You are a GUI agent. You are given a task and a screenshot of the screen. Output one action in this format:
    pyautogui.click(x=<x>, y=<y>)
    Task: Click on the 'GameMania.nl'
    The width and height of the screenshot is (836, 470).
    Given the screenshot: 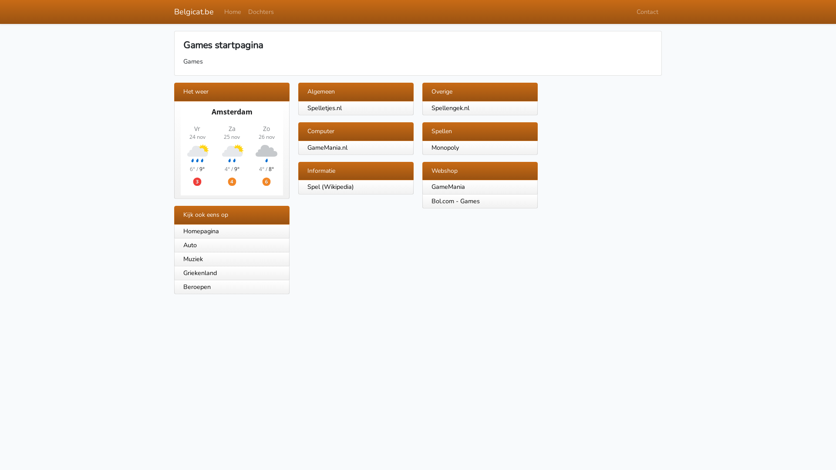 What is the action you would take?
    pyautogui.click(x=327, y=147)
    